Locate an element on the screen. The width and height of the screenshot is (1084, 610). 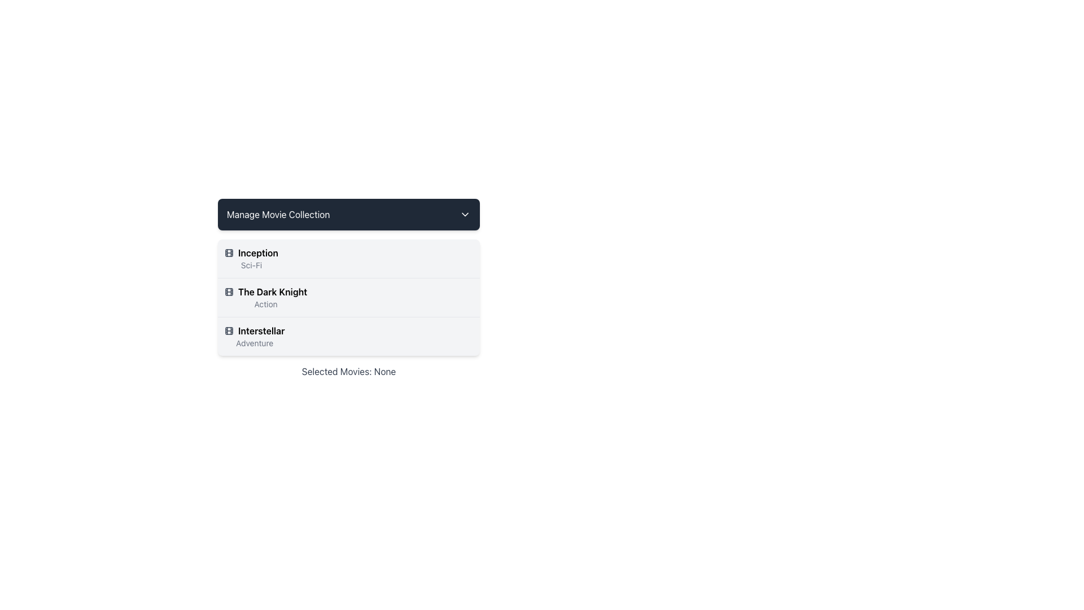
the text label displaying 'The Dark Knight' next to the film reel icon is located at coordinates (265, 291).